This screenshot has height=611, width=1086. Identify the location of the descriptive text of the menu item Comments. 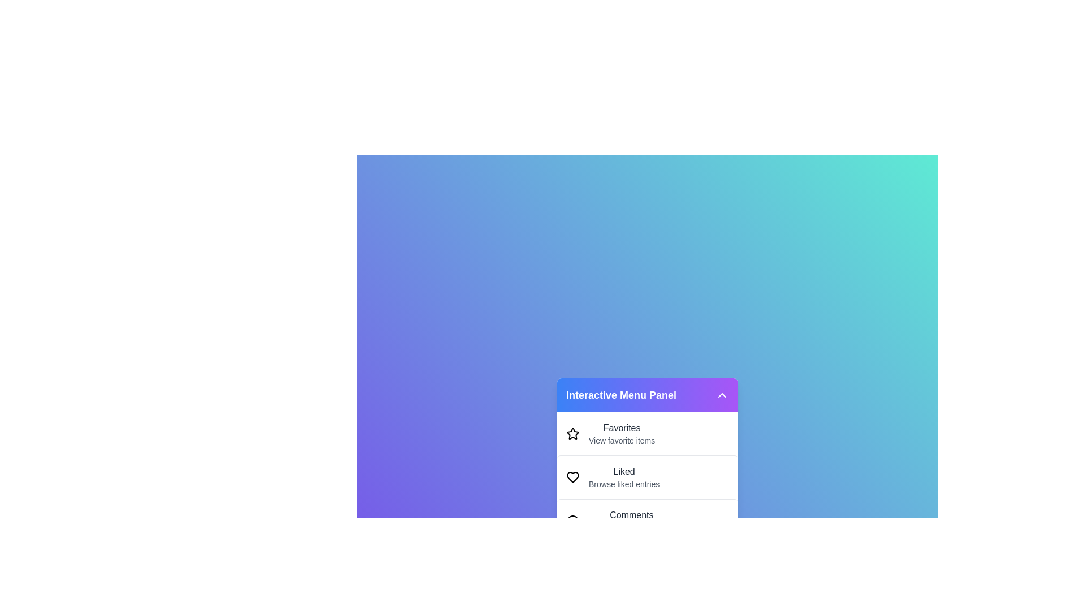
(631, 515).